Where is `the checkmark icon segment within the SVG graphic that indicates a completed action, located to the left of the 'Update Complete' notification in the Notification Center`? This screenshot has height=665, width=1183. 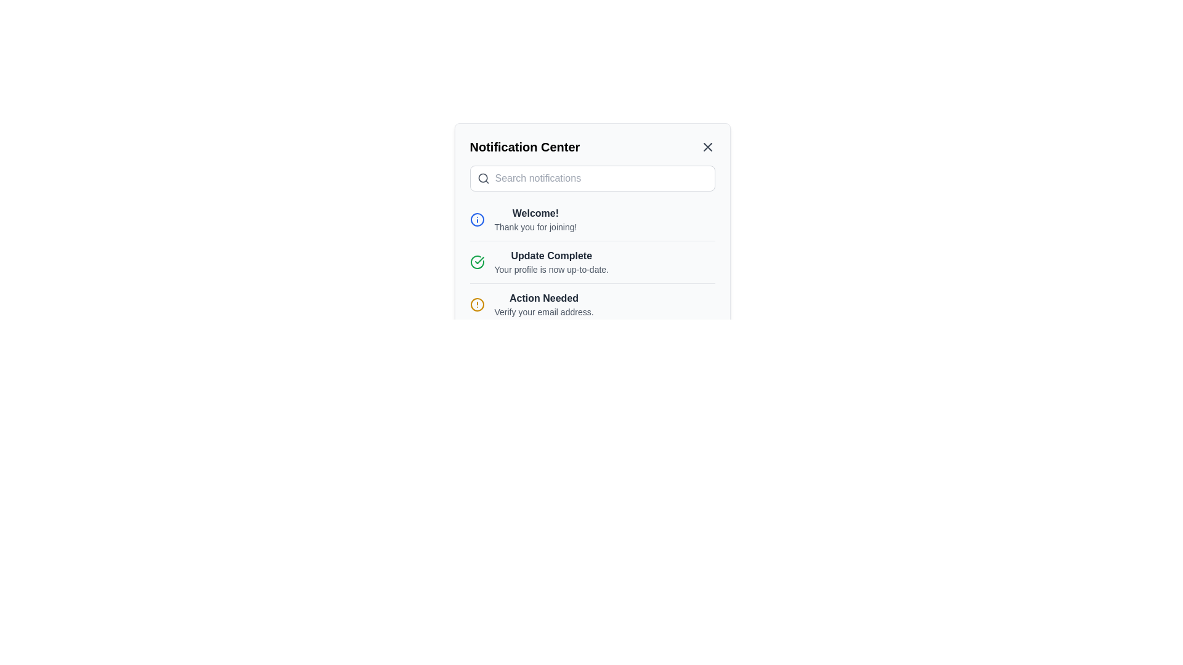 the checkmark icon segment within the SVG graphic that indicates a completed action, located to the left of the 'Update Complete' notification in the Notification Center is located at coordinates (478, 260).